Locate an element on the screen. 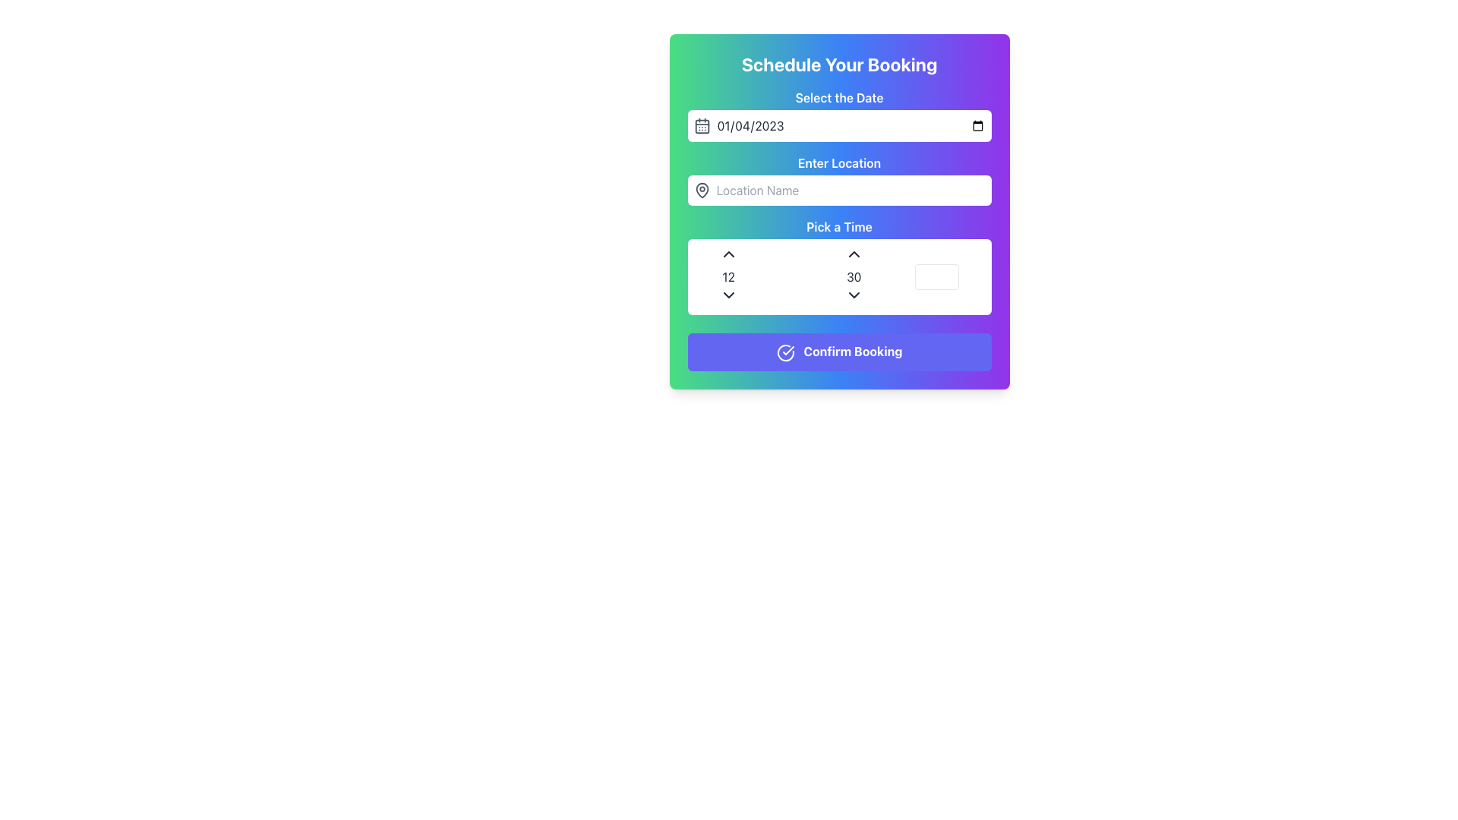 This screenshot has height=820, width=1458. the Text Label that instructs users to input their location, which is positioned above the input field for the location name is located at coordinates (838, 163).